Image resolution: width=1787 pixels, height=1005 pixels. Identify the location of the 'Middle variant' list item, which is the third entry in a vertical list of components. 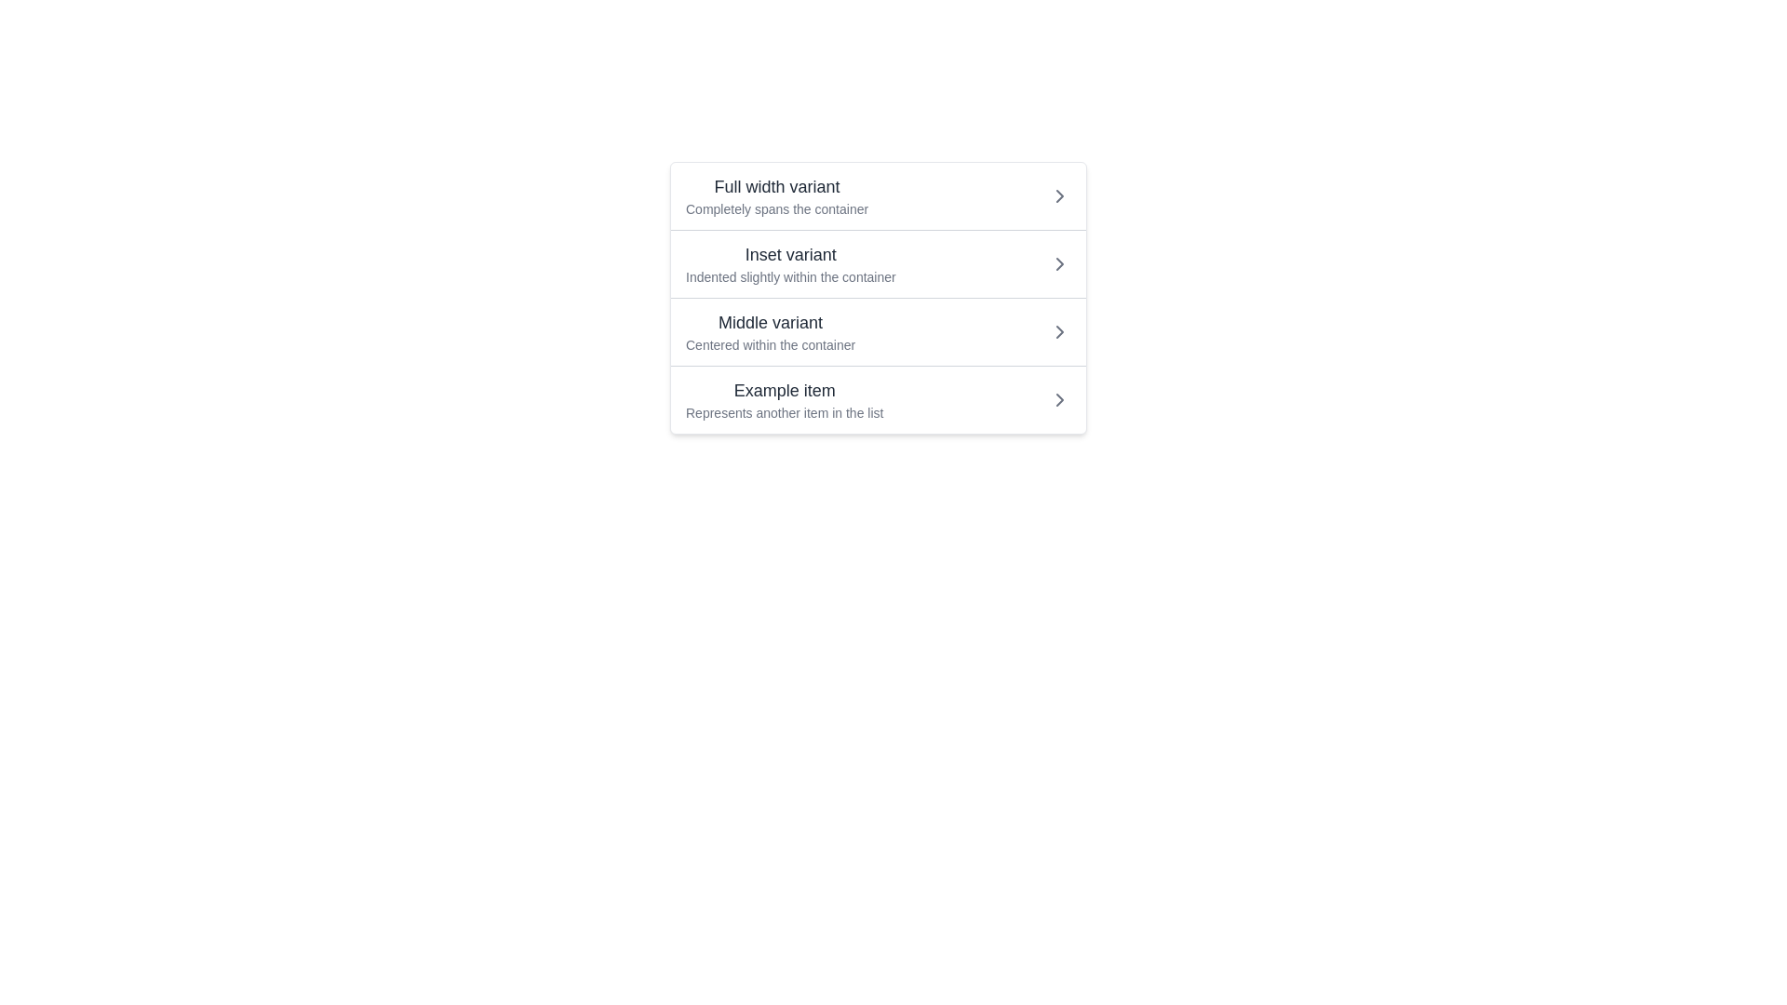
(771, 331).